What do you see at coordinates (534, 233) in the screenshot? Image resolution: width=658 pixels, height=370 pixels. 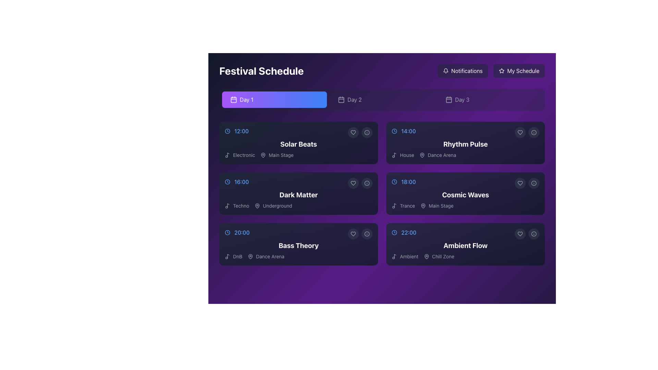 I see `the information button located at the top-right corner of the 'Ambient Flow' event box, which contains a circular icon resembling the letter 'i'` at bounding box center [534, 233].